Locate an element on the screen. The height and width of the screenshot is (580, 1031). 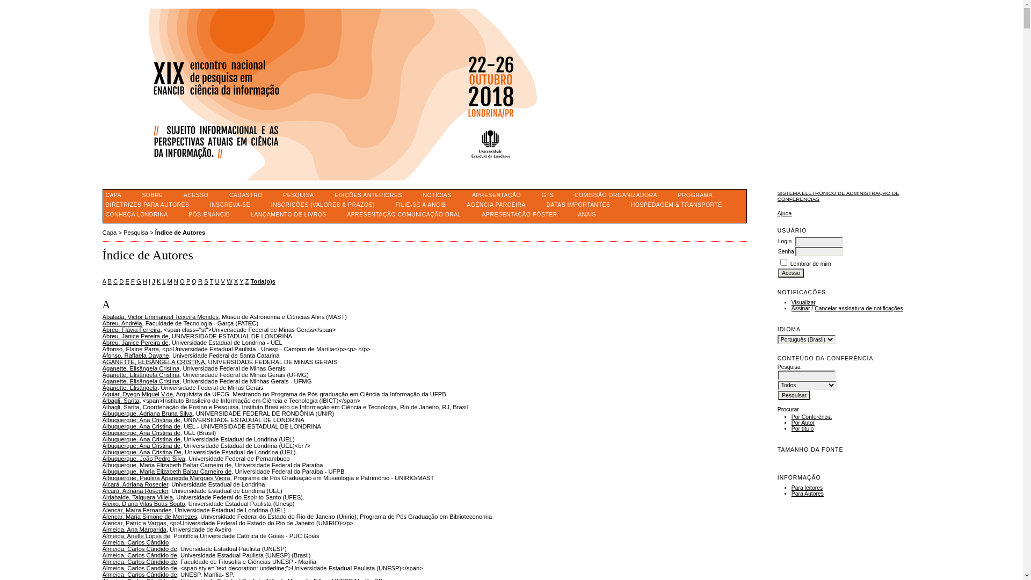
'DIRETRIZES PARA AUTORES' is located at coordinates (147, 205).